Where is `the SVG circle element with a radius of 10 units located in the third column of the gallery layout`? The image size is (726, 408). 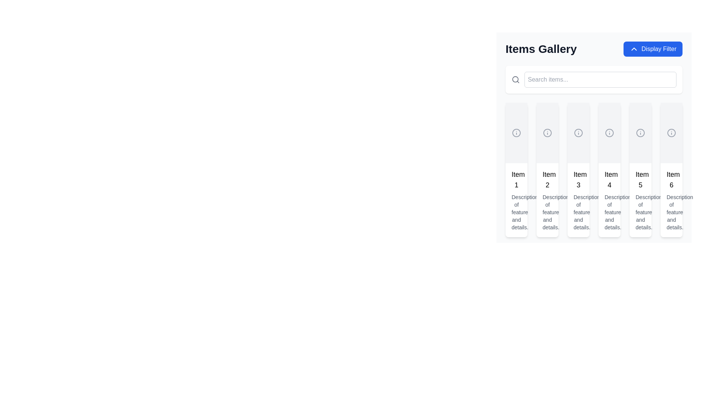 the SVG circle element with a radius of 10 units located in the third column of the gallery layout is located at coordinates (578, 132).